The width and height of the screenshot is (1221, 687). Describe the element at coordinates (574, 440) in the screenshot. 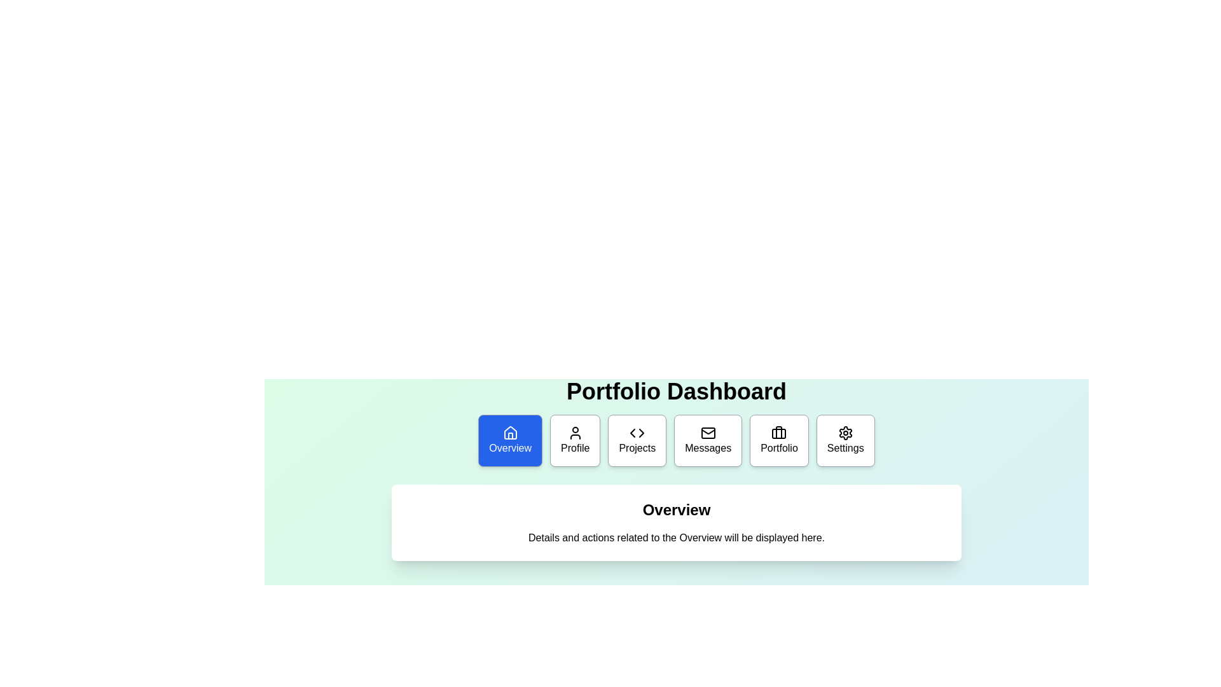

I see `the navigation button located between the 'Overview' and 'Projects' buttons` at that location.